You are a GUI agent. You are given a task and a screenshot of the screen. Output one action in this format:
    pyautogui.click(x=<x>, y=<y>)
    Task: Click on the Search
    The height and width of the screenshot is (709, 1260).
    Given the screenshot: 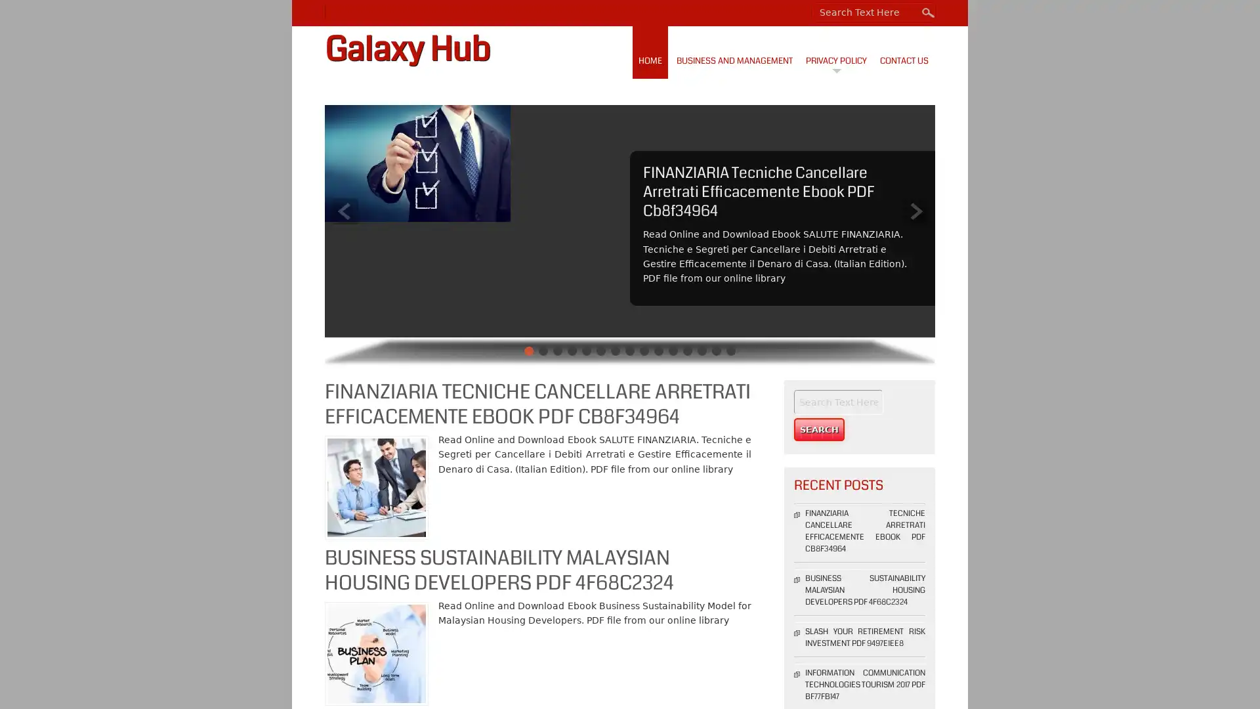 What is the action you would take?
    pyautogui.click(x=818, y=429)
    